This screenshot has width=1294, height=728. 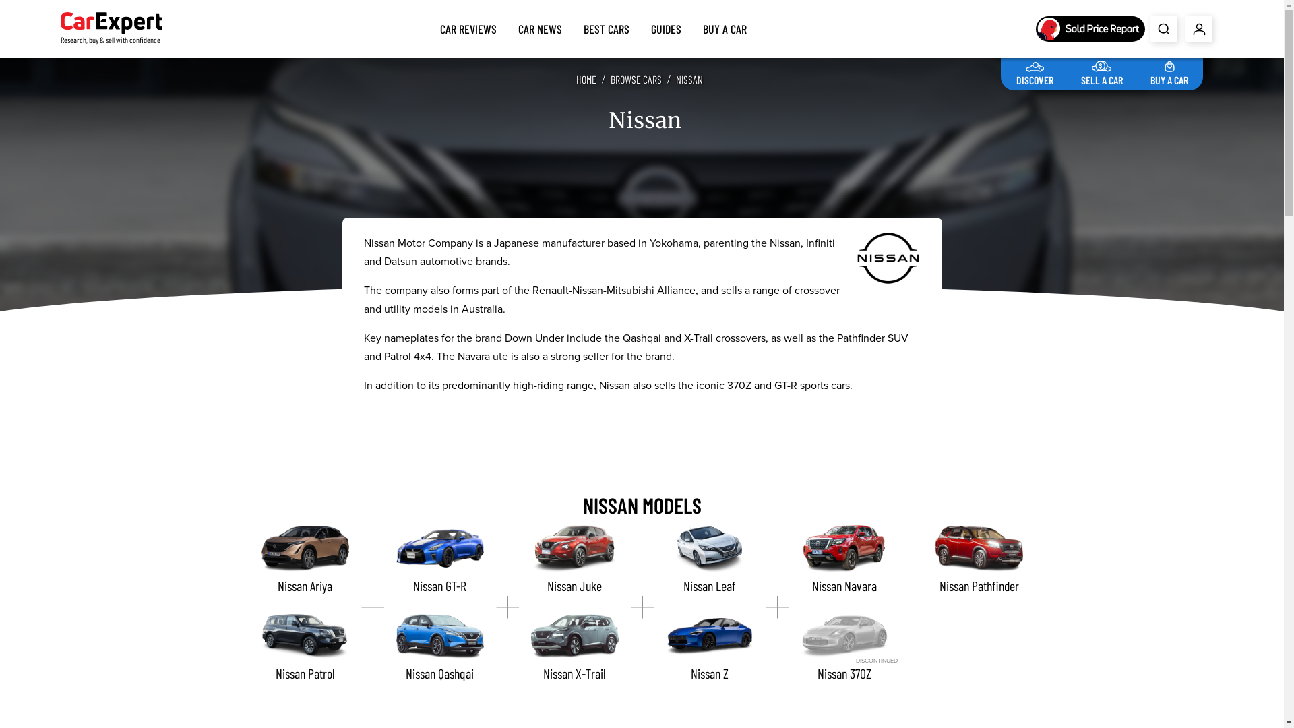 What do you see at coordinates (843, 646) in the screenshot?
I see `'DISCONTINUED` at bounding box center [843, 646].